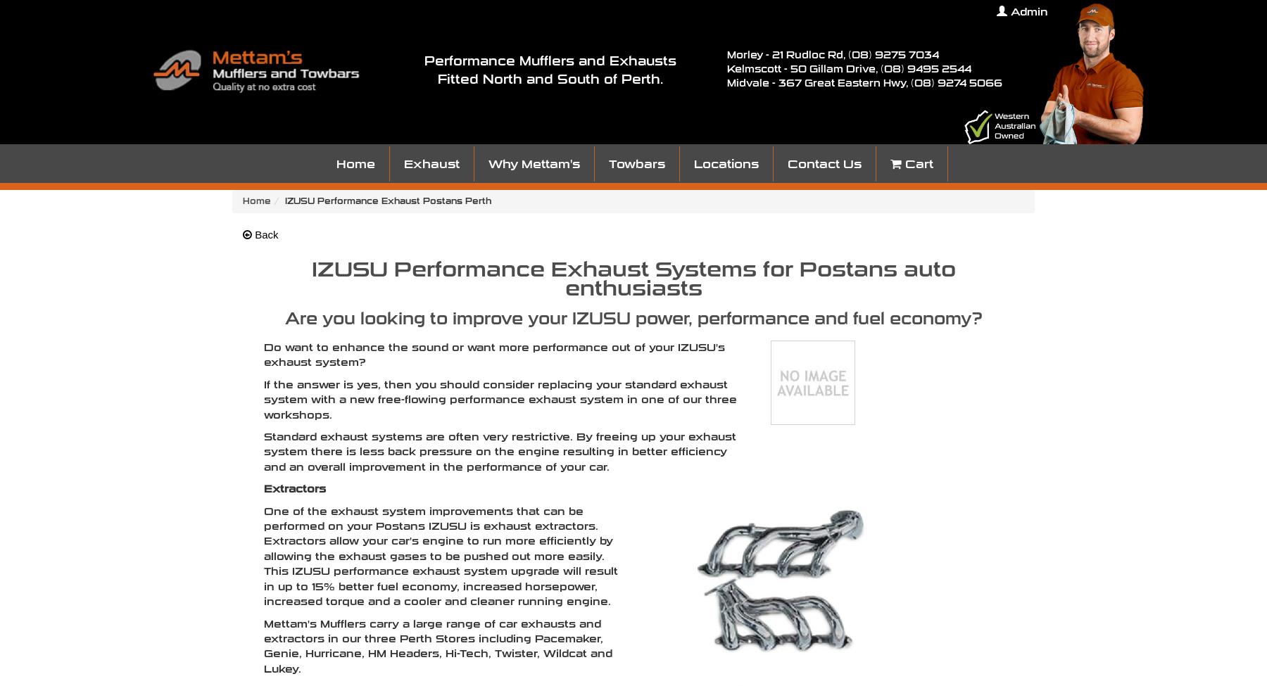 The image size is (1267, 686). Describe the element at coordinates (441, 556) in the screenshot. I see `'One of the exhaust system improvements that can be performed on your Postans IZUSU is exhaust extractors. Extractors allow your car's engine to run more efficiently by allowing the exhaust gases to be pushed out more easily. This IZUSU performance exhaust system upgrade will result in up to 15% better fuel economy, increased horsepower, increased torque and a cooler and cleaner running engine.'` at that location.